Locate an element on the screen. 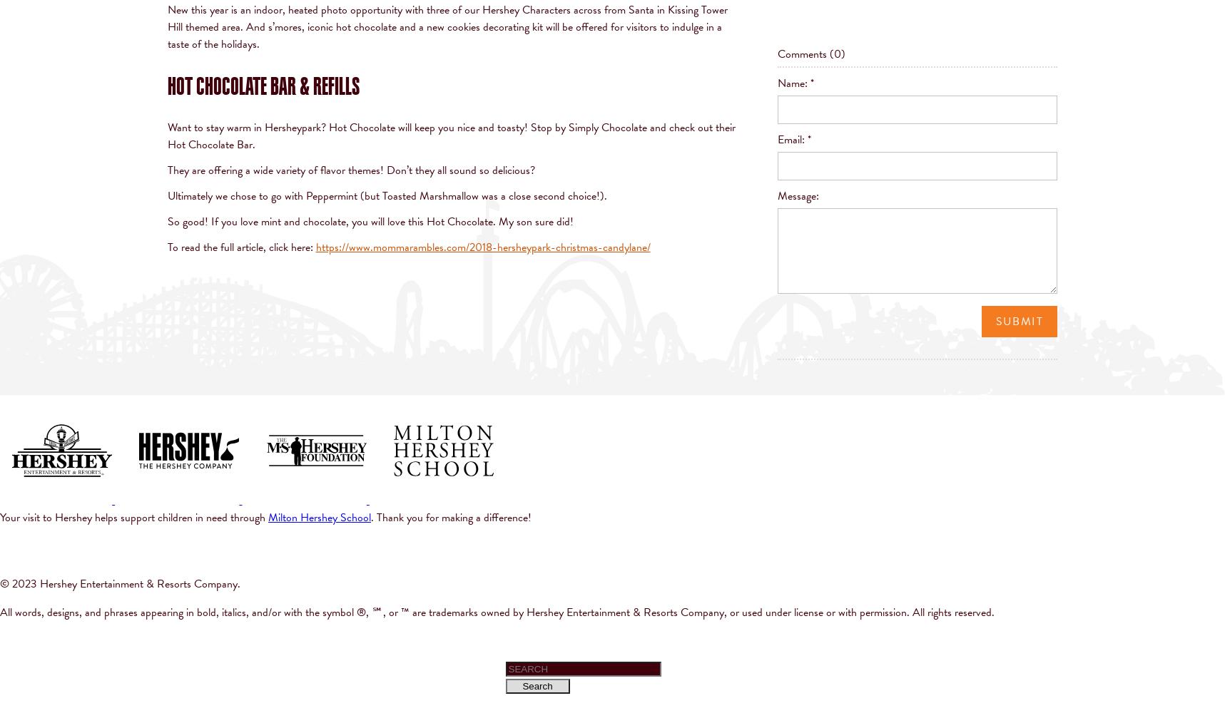 Image resolution: width=1225 pixels, height=728 pixels. 'Comments  (0)' is located at coordinates (777, 53).